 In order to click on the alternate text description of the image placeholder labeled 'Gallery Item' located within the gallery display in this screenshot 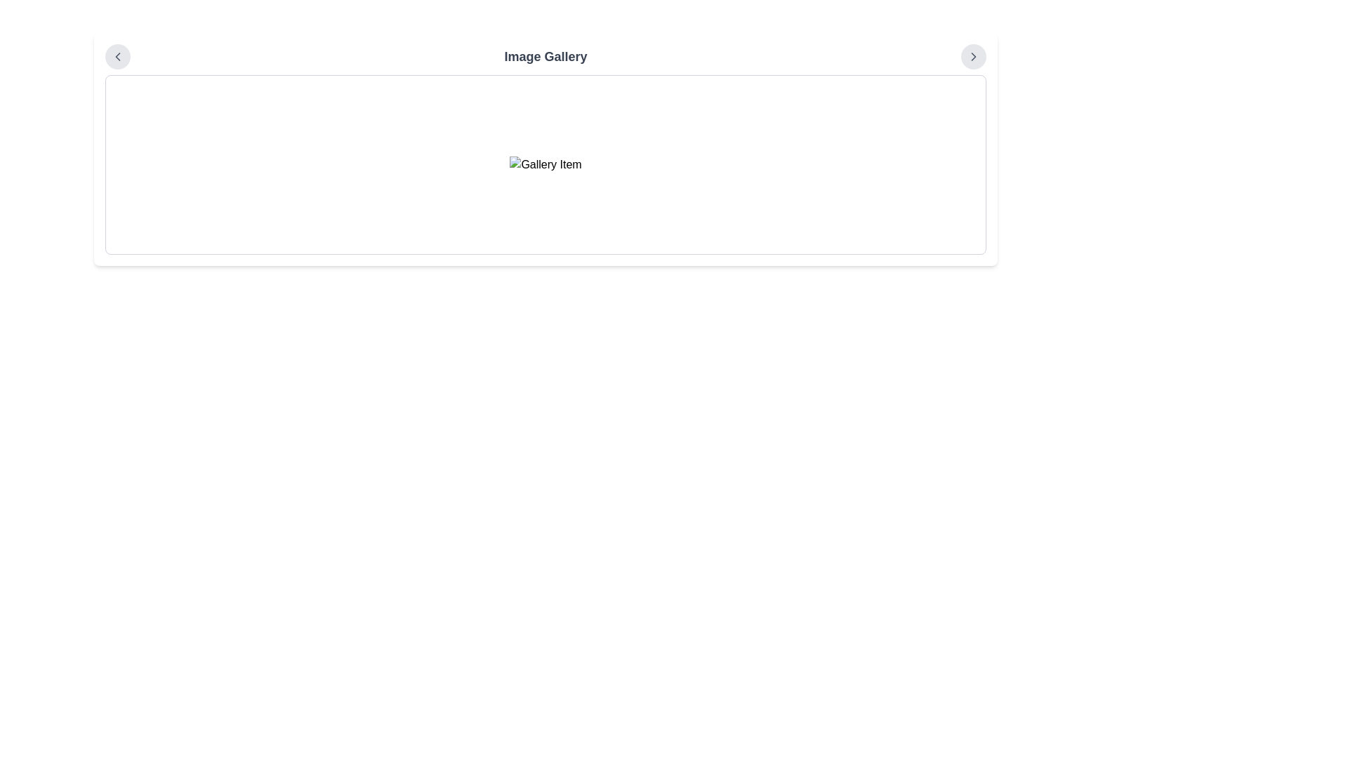, I will do `click(545, 164)`.